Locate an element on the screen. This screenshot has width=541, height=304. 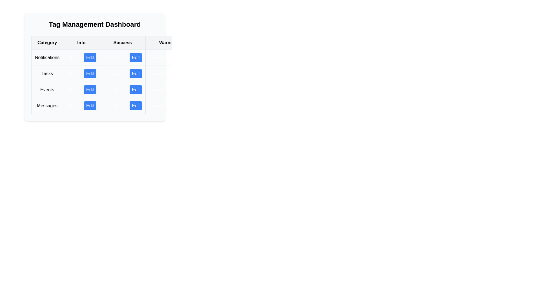
the blue 'Edit' button located in the 'Info' column of the 'Tasks' row in the Tag Management Dashboard is located at coordinates (95, 67).